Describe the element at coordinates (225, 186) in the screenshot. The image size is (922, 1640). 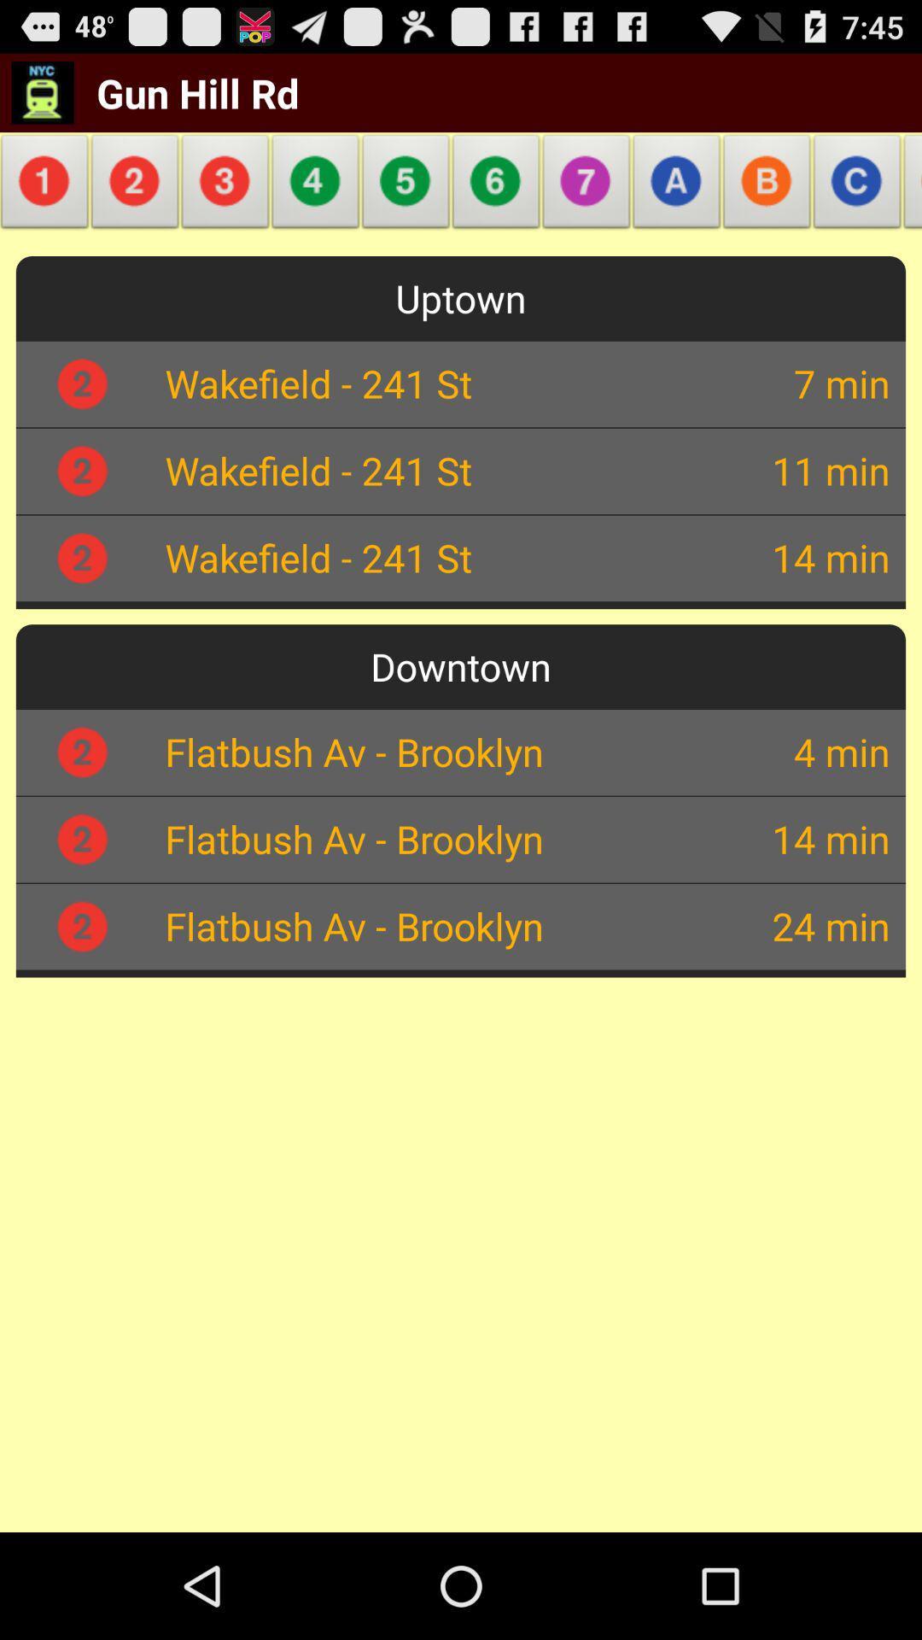
I see `app below the gun hill rd` at that location.